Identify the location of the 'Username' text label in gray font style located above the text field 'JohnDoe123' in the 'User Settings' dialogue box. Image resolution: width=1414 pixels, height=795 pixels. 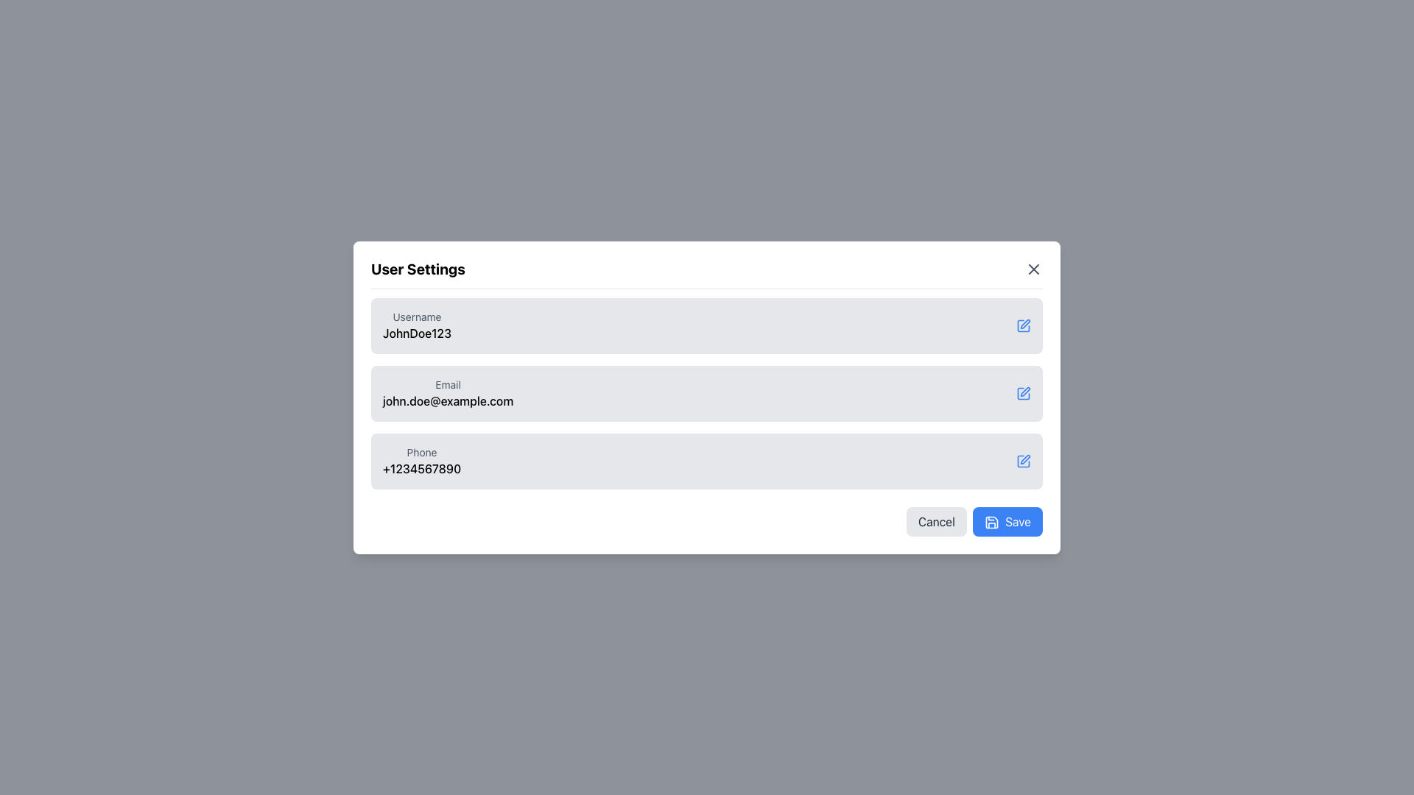
(416, 316).